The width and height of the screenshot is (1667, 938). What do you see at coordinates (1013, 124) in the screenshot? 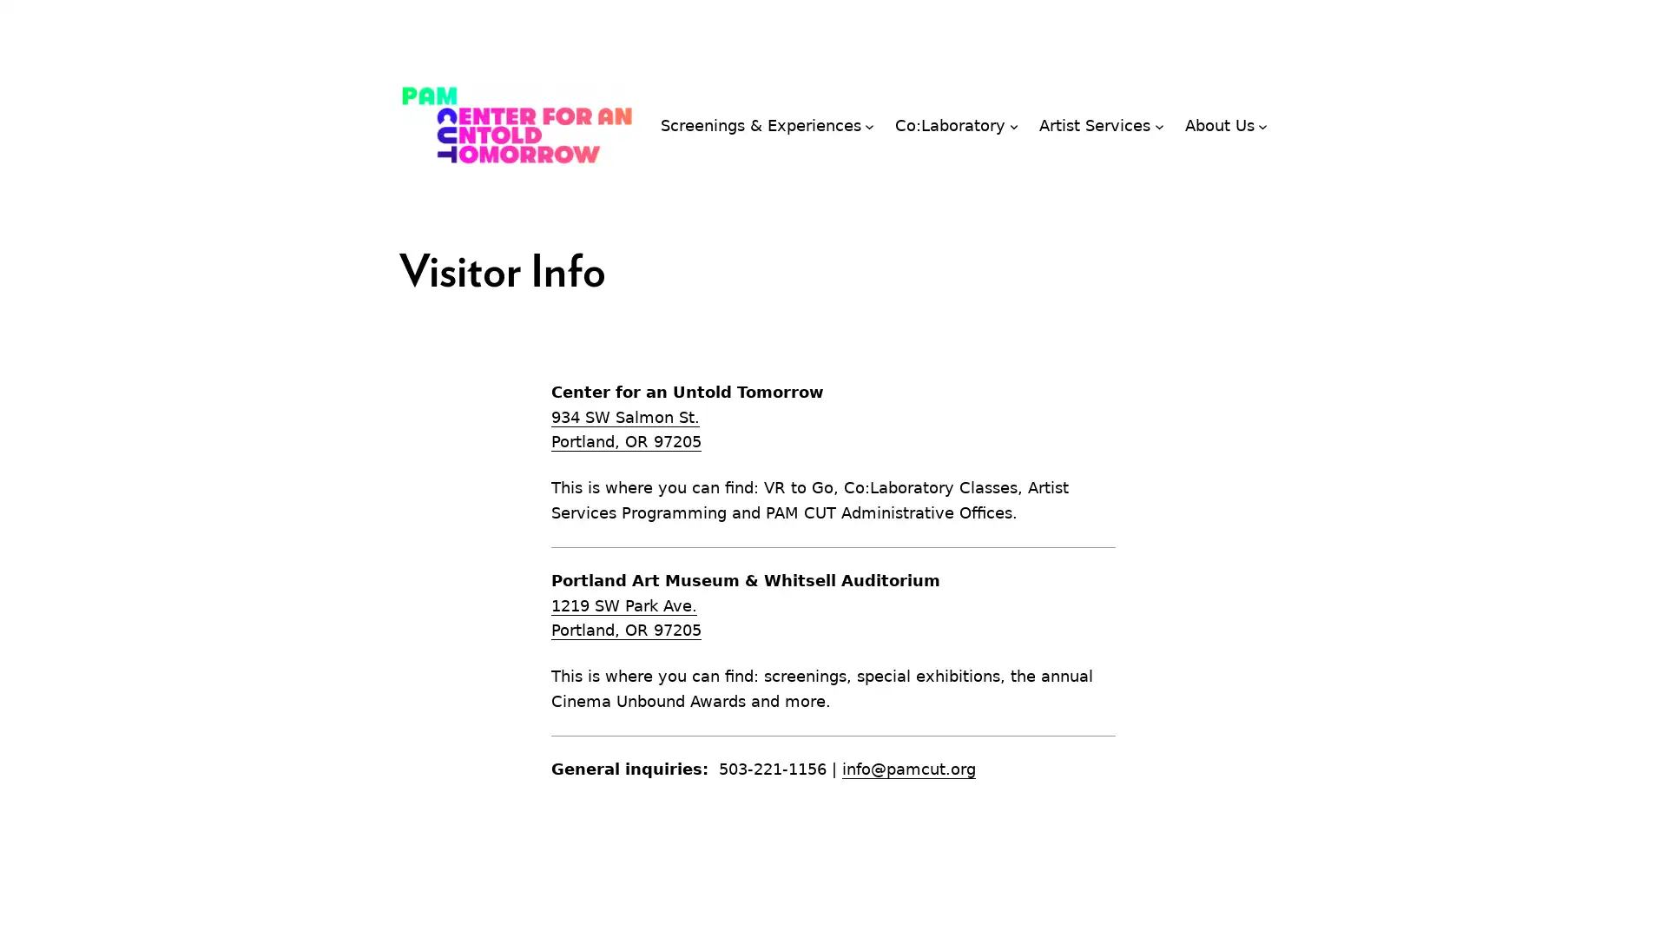
I see `Co:Laboratory submenu` at bounding box center [1013, 124].